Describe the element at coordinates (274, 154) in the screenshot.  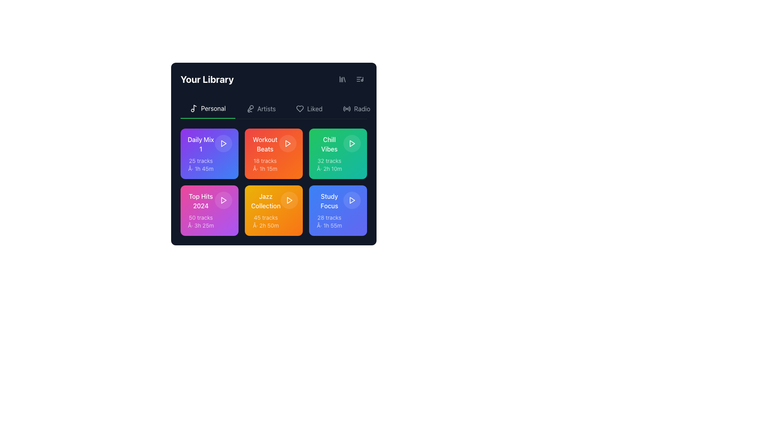
I see `the 'Workout Beats' playlist item in the user's library` at that location.